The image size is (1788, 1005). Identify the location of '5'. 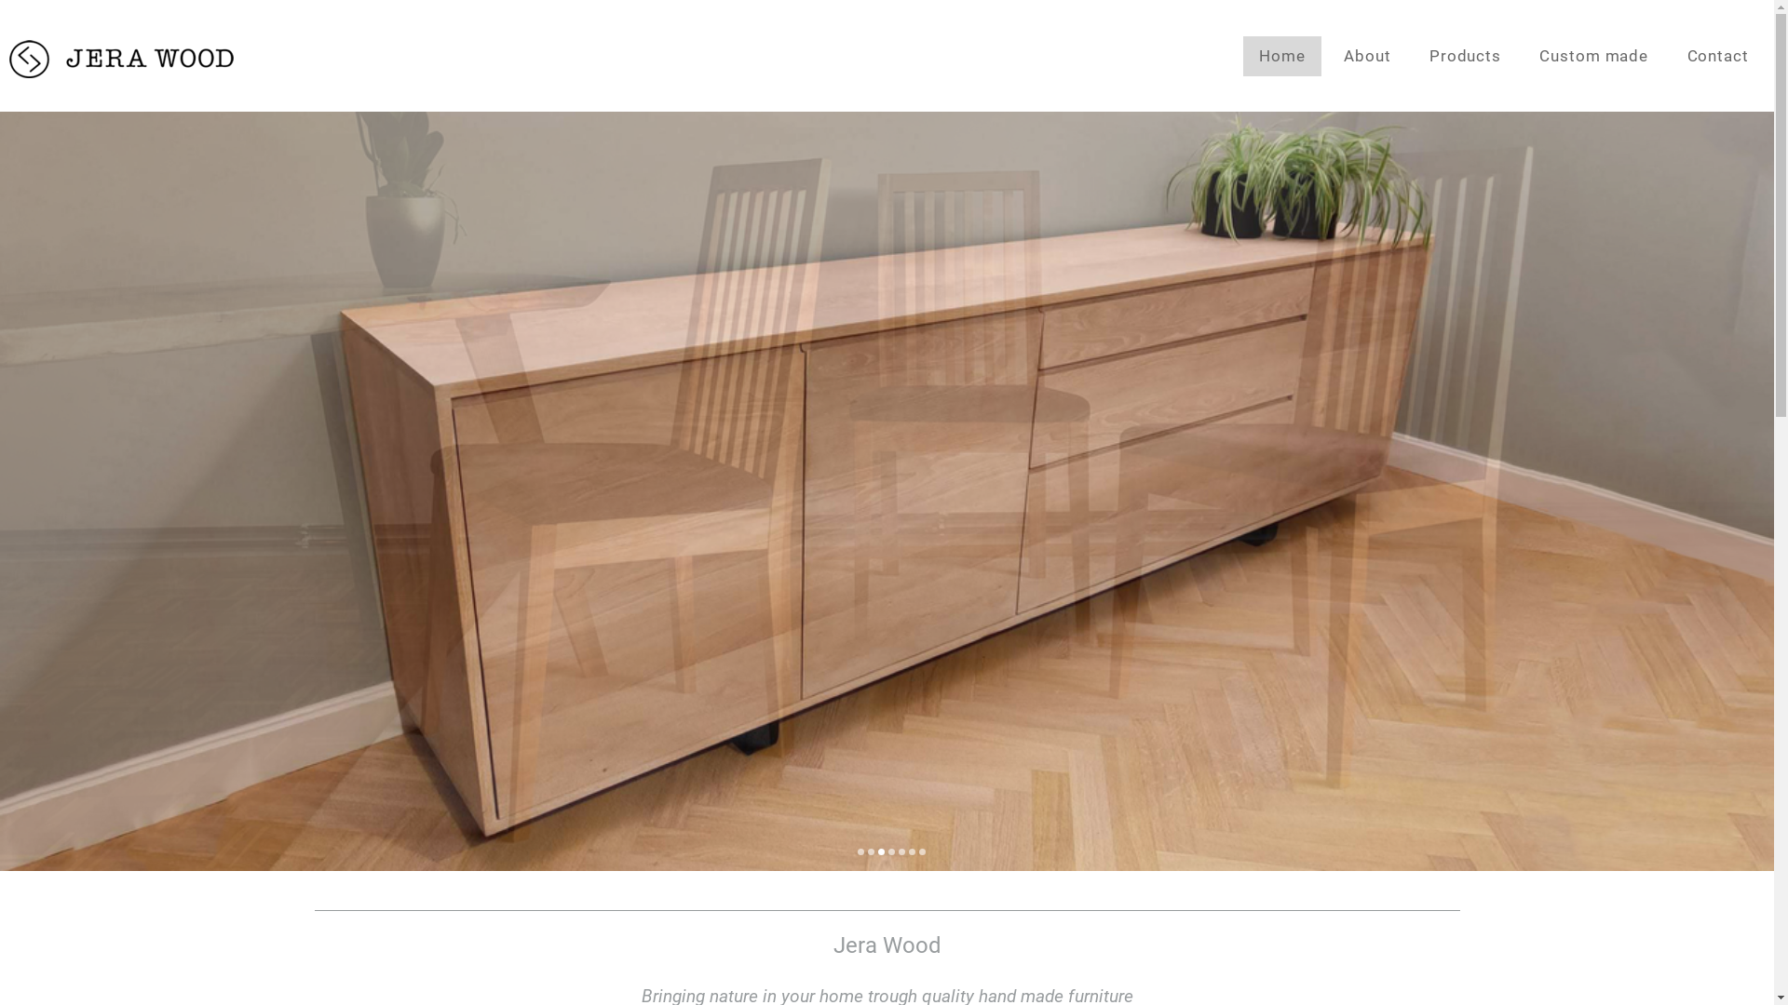
(901, 852).